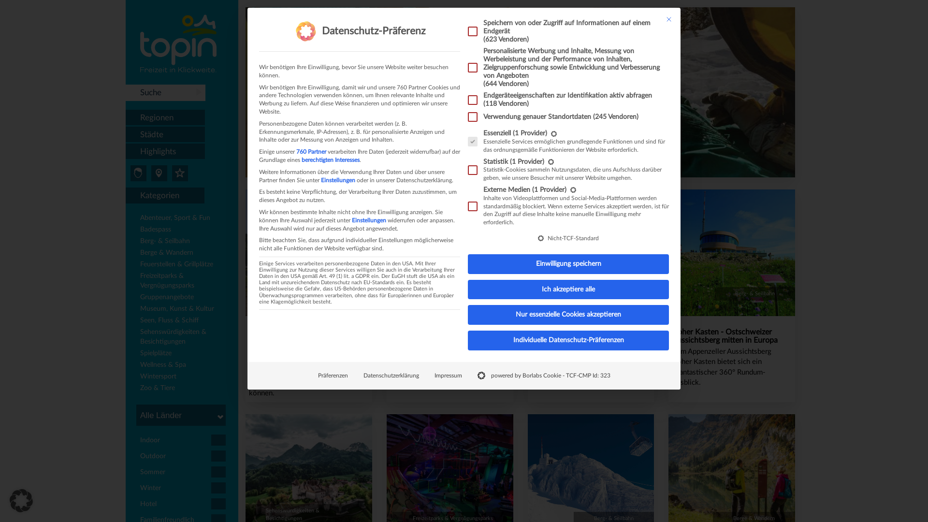 Image resolution: width=928 pixels, height=522 pixels. What do you see at coordinates (185, 242) in the screenshot?
I see `'Berg- & Seilbahn'` at bounding box center [185, 242].